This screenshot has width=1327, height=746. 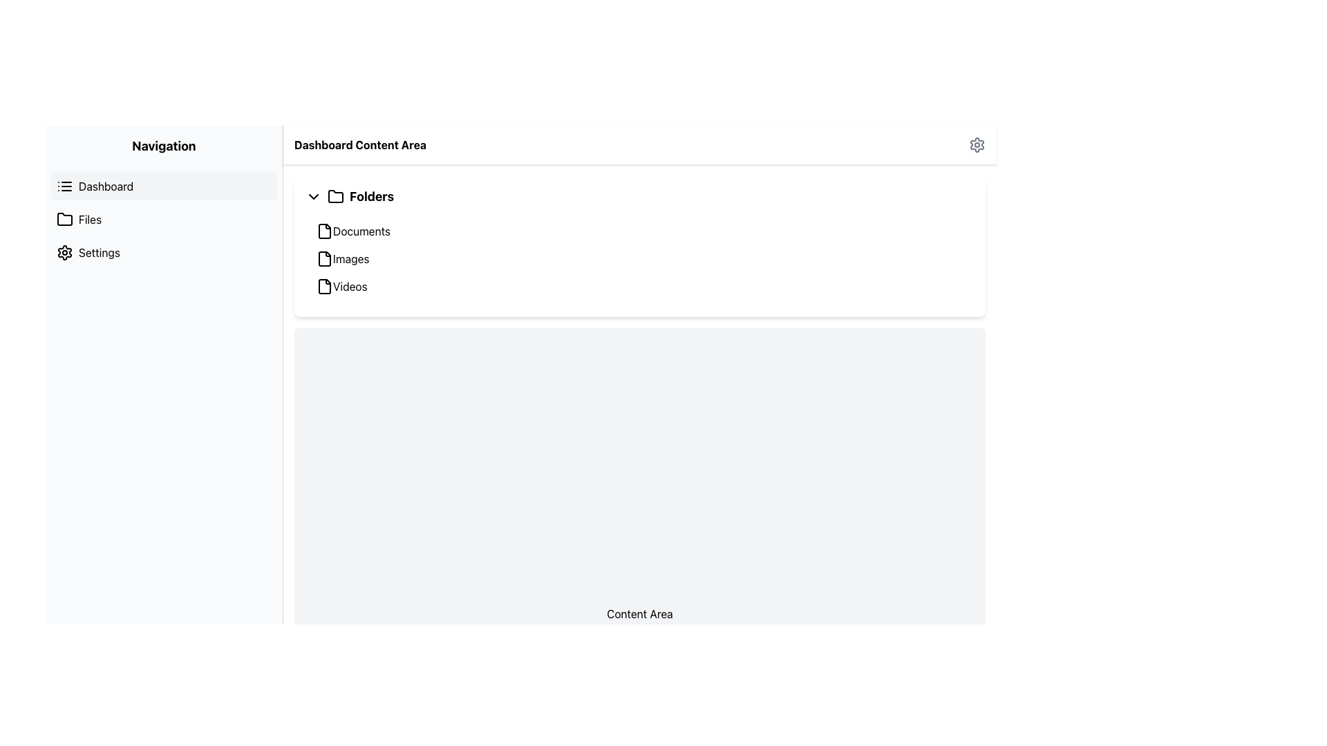 What do you see at coordinates (361, 231) in the screenshot?
I see `the 'Documents' text label` at bounding box center [361, 231].